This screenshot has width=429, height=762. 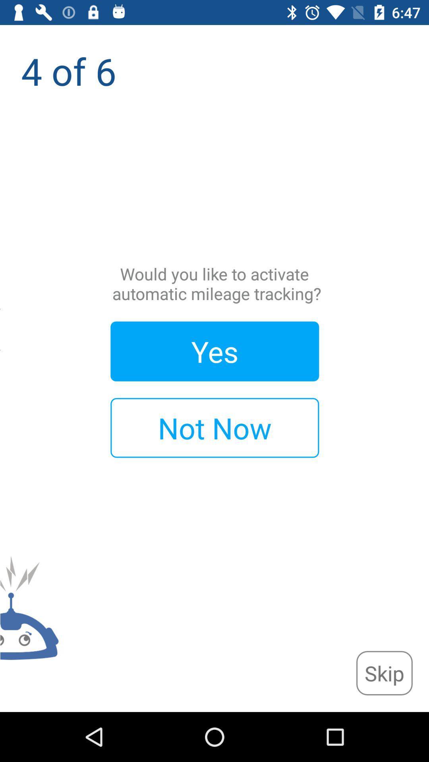 I want to click on the icon below the yes icon, so click(x=214, y=427).